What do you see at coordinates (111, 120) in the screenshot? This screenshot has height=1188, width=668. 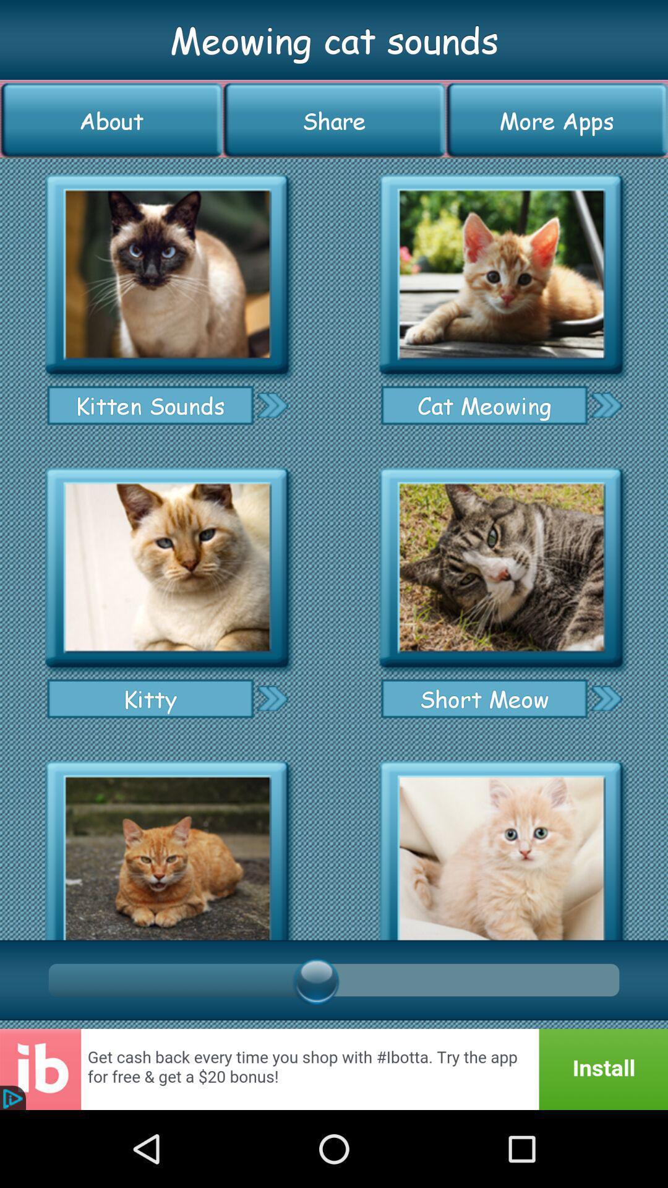 I see `the about` at bounding box center [111, 120].